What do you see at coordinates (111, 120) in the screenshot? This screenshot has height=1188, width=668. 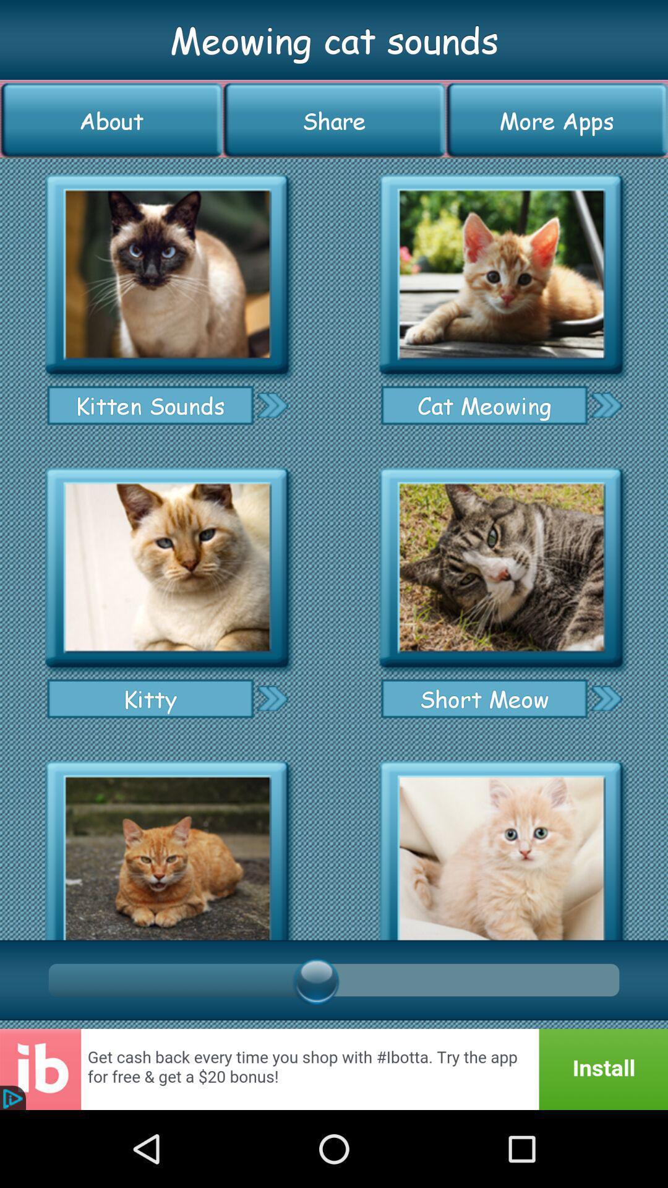 I see `the about` at bounding box center [111, 120].